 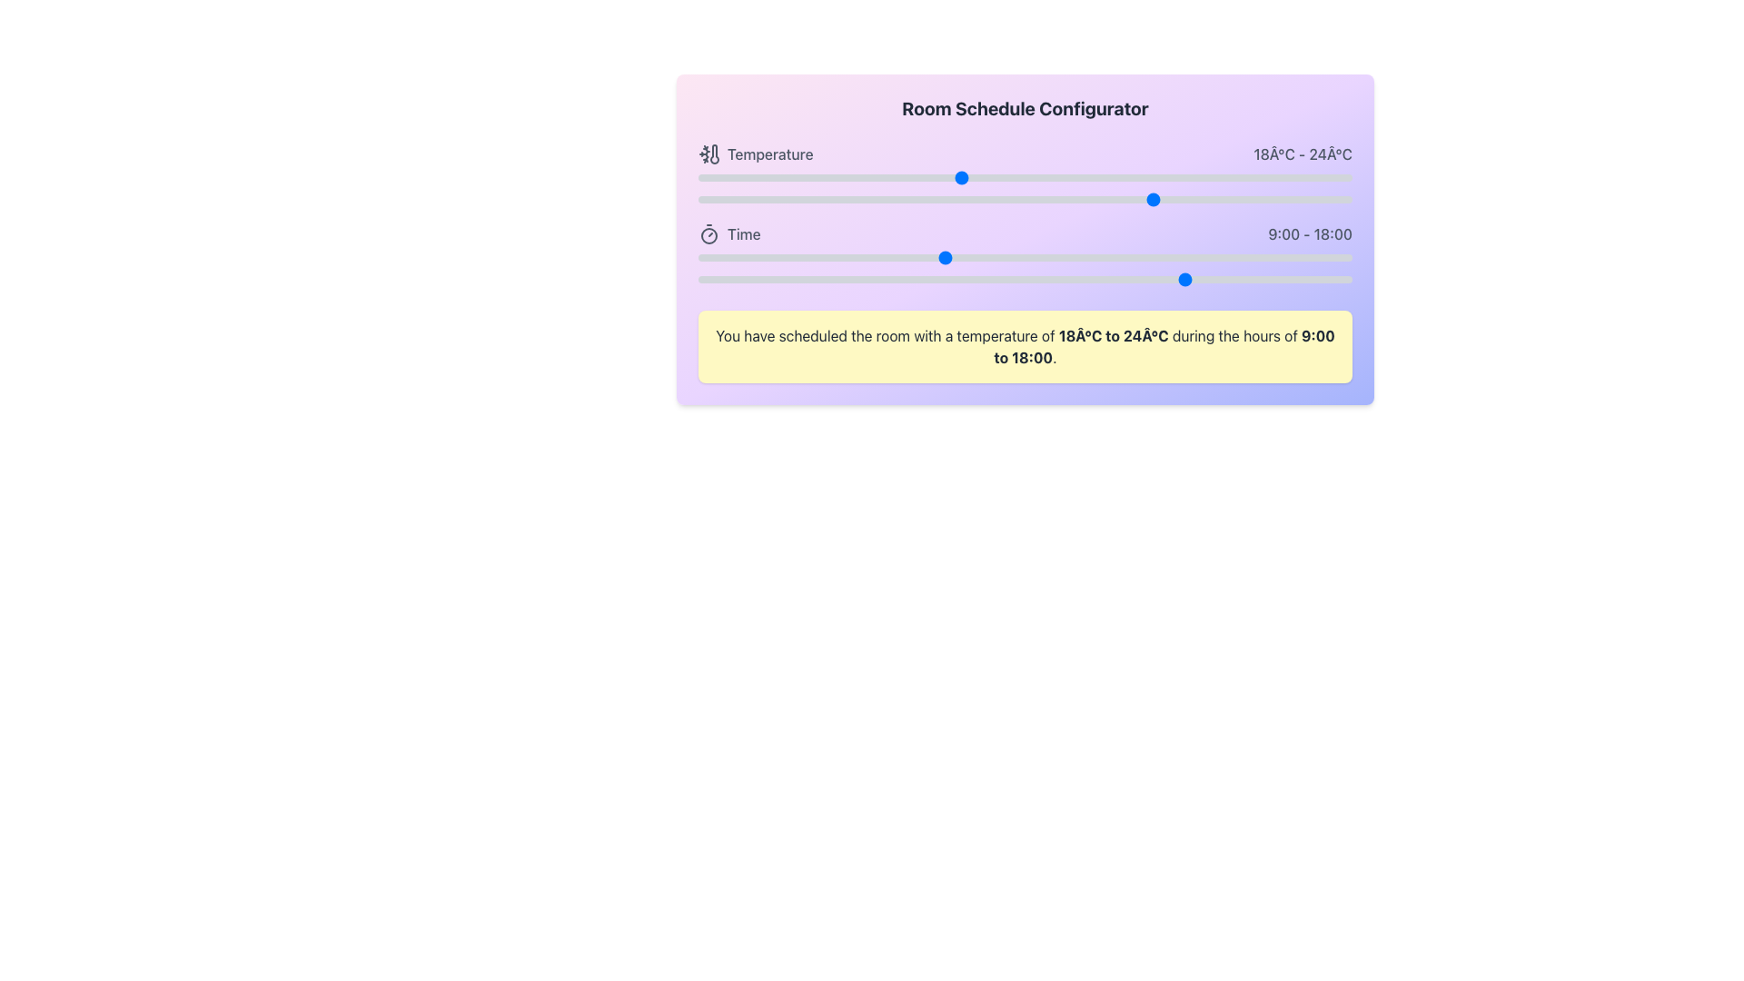 What do you see at coordinates (1025, 255) in the screenshot?
I see `the Range selection slider labeled 'Time 9:00 - 18:00'` at bounding box center [1025, 255].